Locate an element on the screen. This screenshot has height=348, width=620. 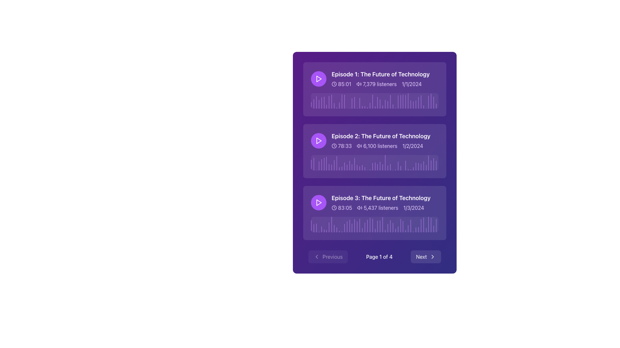
the purple progress indicator line within the waveform visualization area of the media player interface, which is the second vertical line in the sequence is located at coordinates (314, 103).